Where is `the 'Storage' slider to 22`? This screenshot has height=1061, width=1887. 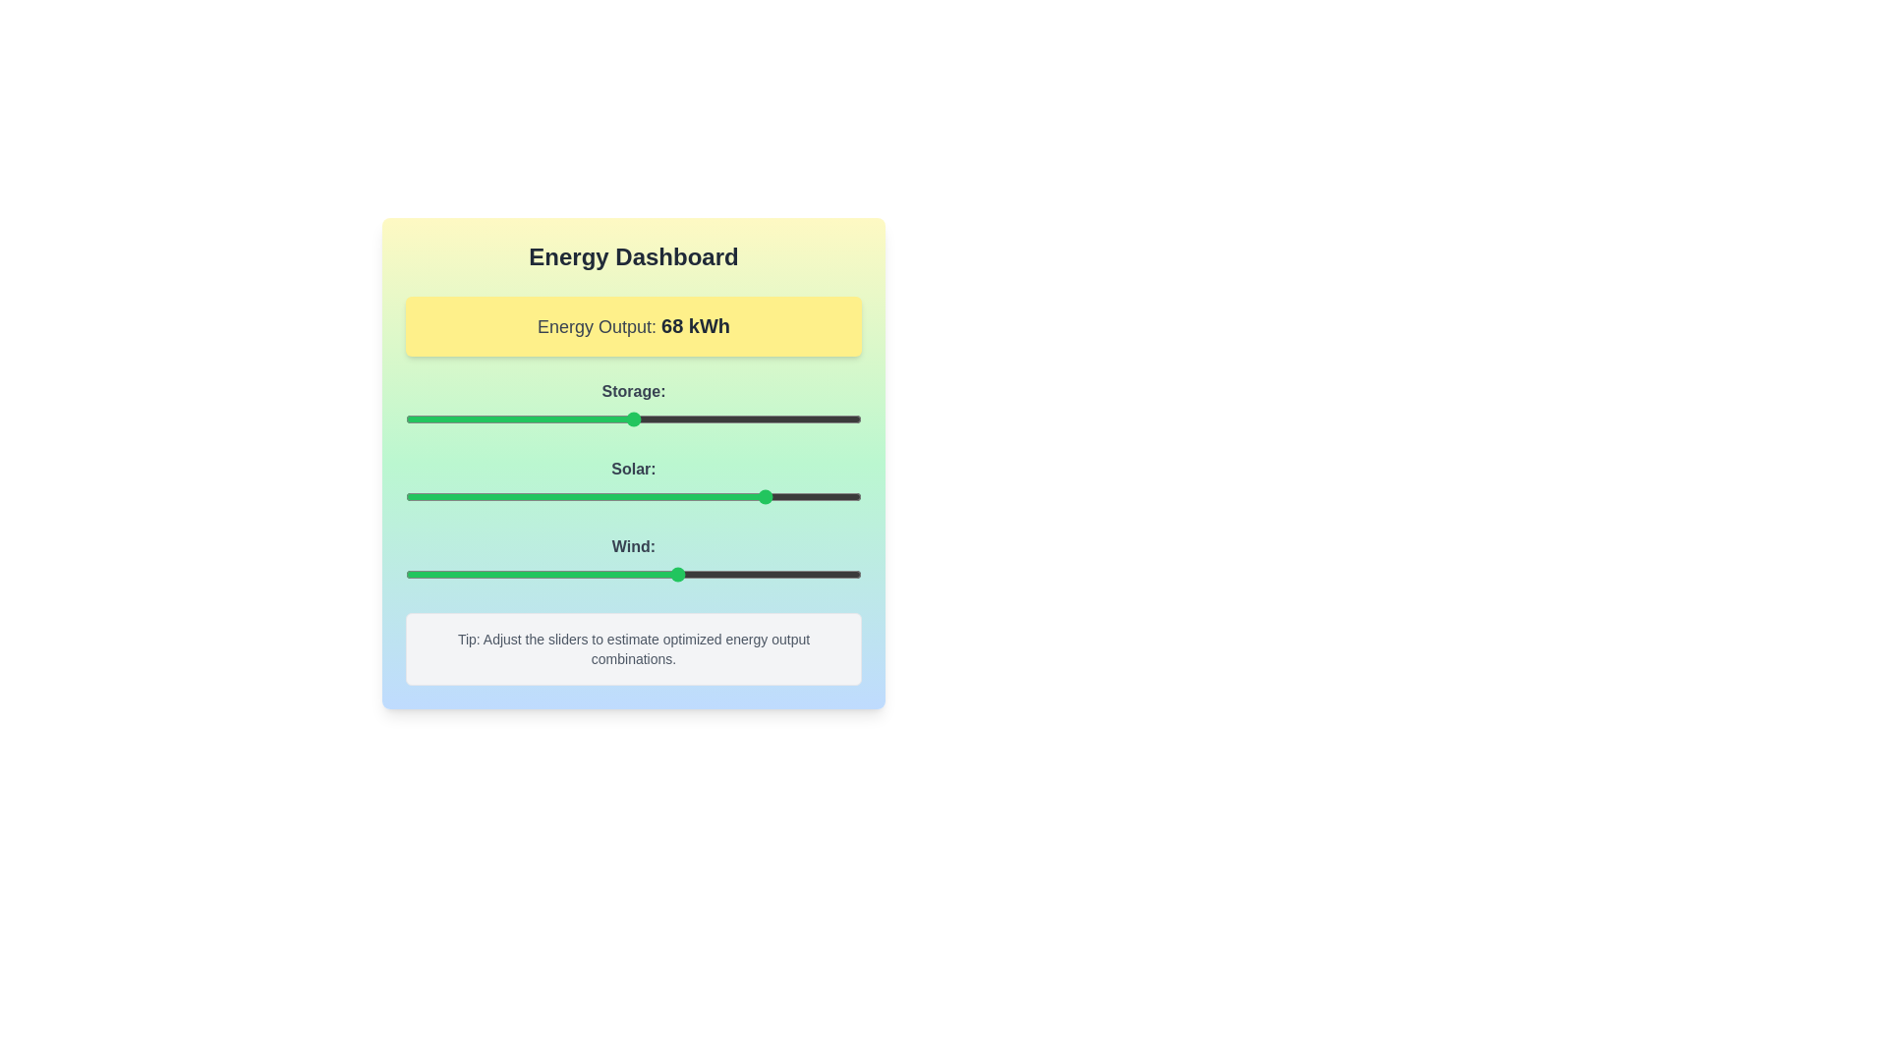
the 'Storage' slider to 22 is located at coordinates (506, 419).